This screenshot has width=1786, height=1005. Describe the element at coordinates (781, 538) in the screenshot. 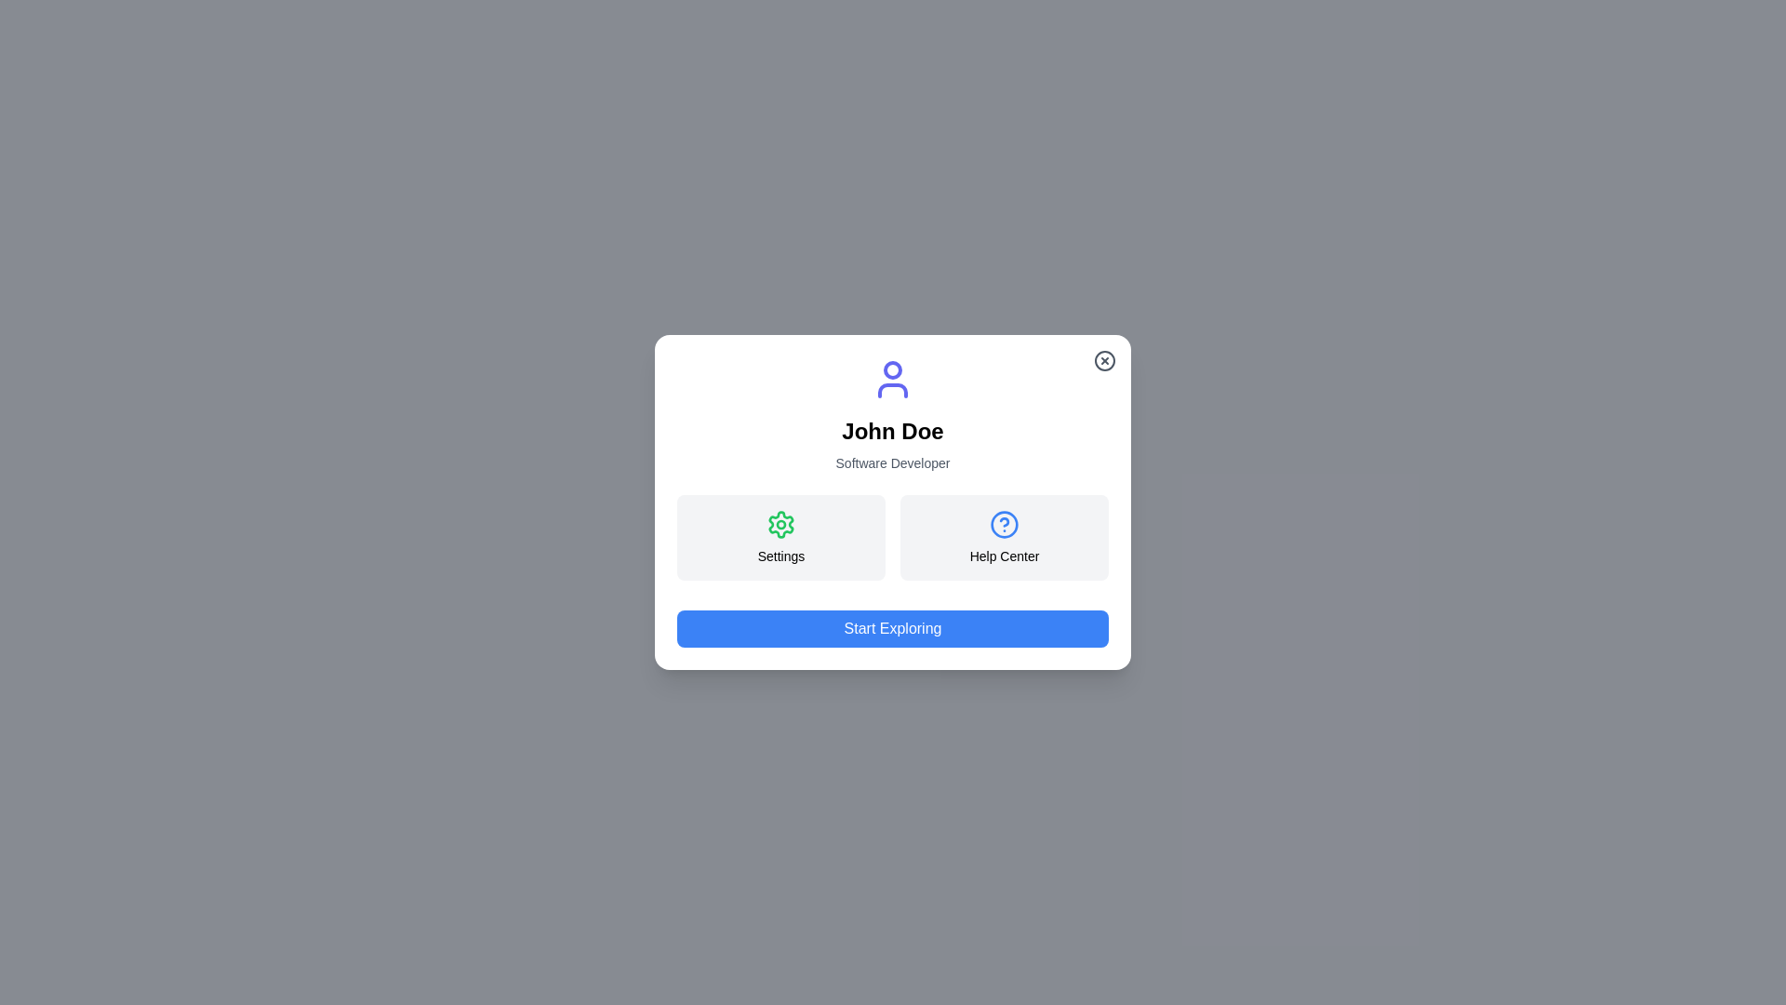

I see `the 'Settings' button located` at that location.